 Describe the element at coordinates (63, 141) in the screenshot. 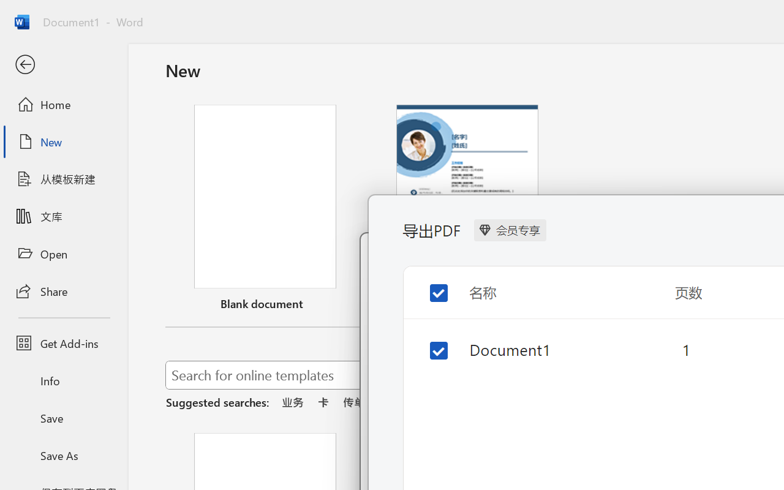

I see `'New'` at that location.